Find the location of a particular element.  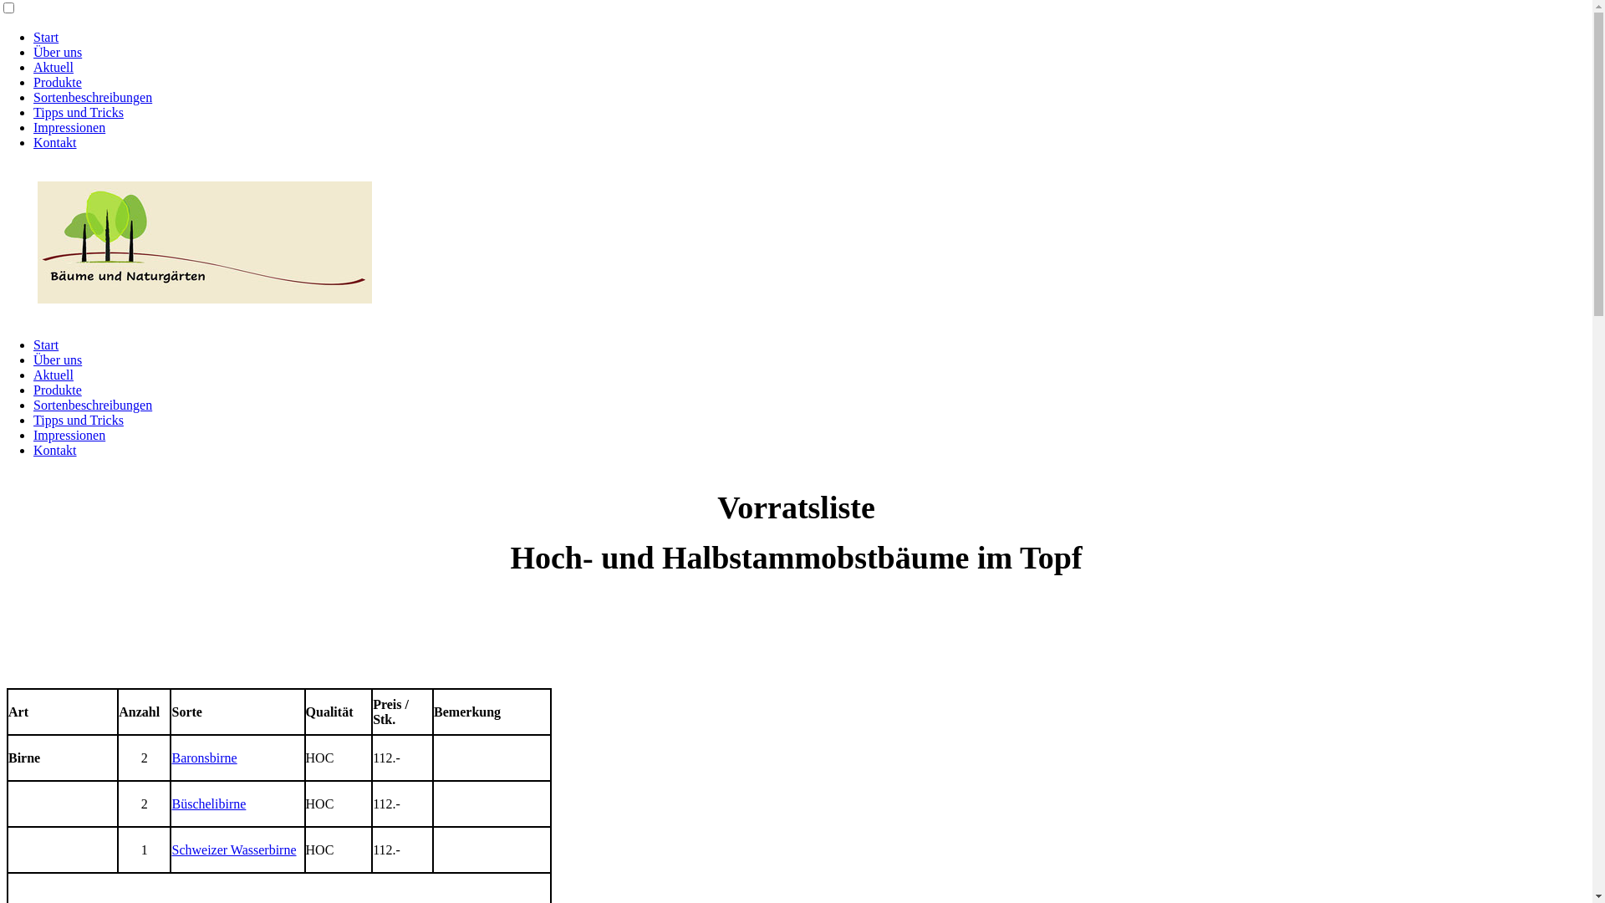

'Start' is located at coordinates (45, 344).